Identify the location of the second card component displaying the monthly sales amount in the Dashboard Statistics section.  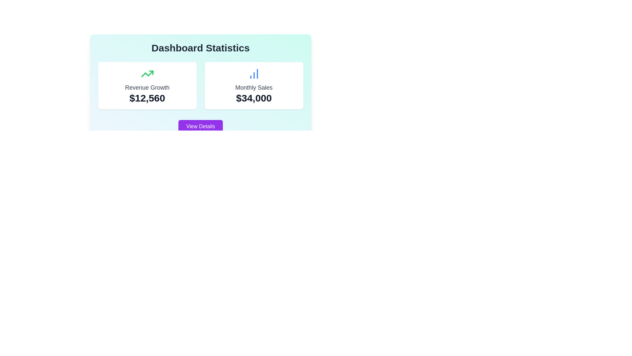
(253, 85).